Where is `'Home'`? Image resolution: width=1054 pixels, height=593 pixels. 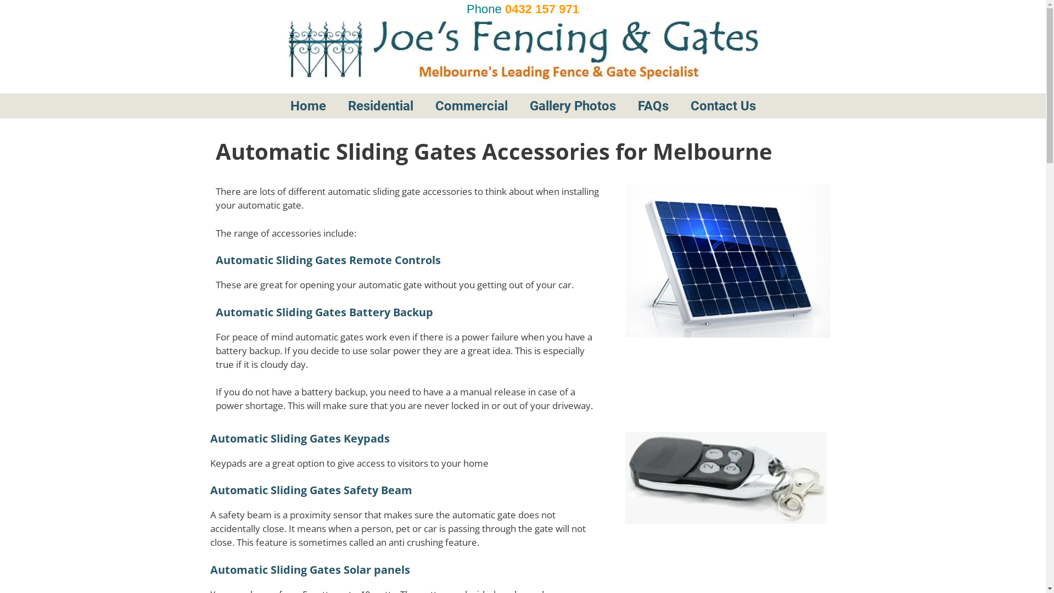
'Home' is located at coordinates (330, 105).